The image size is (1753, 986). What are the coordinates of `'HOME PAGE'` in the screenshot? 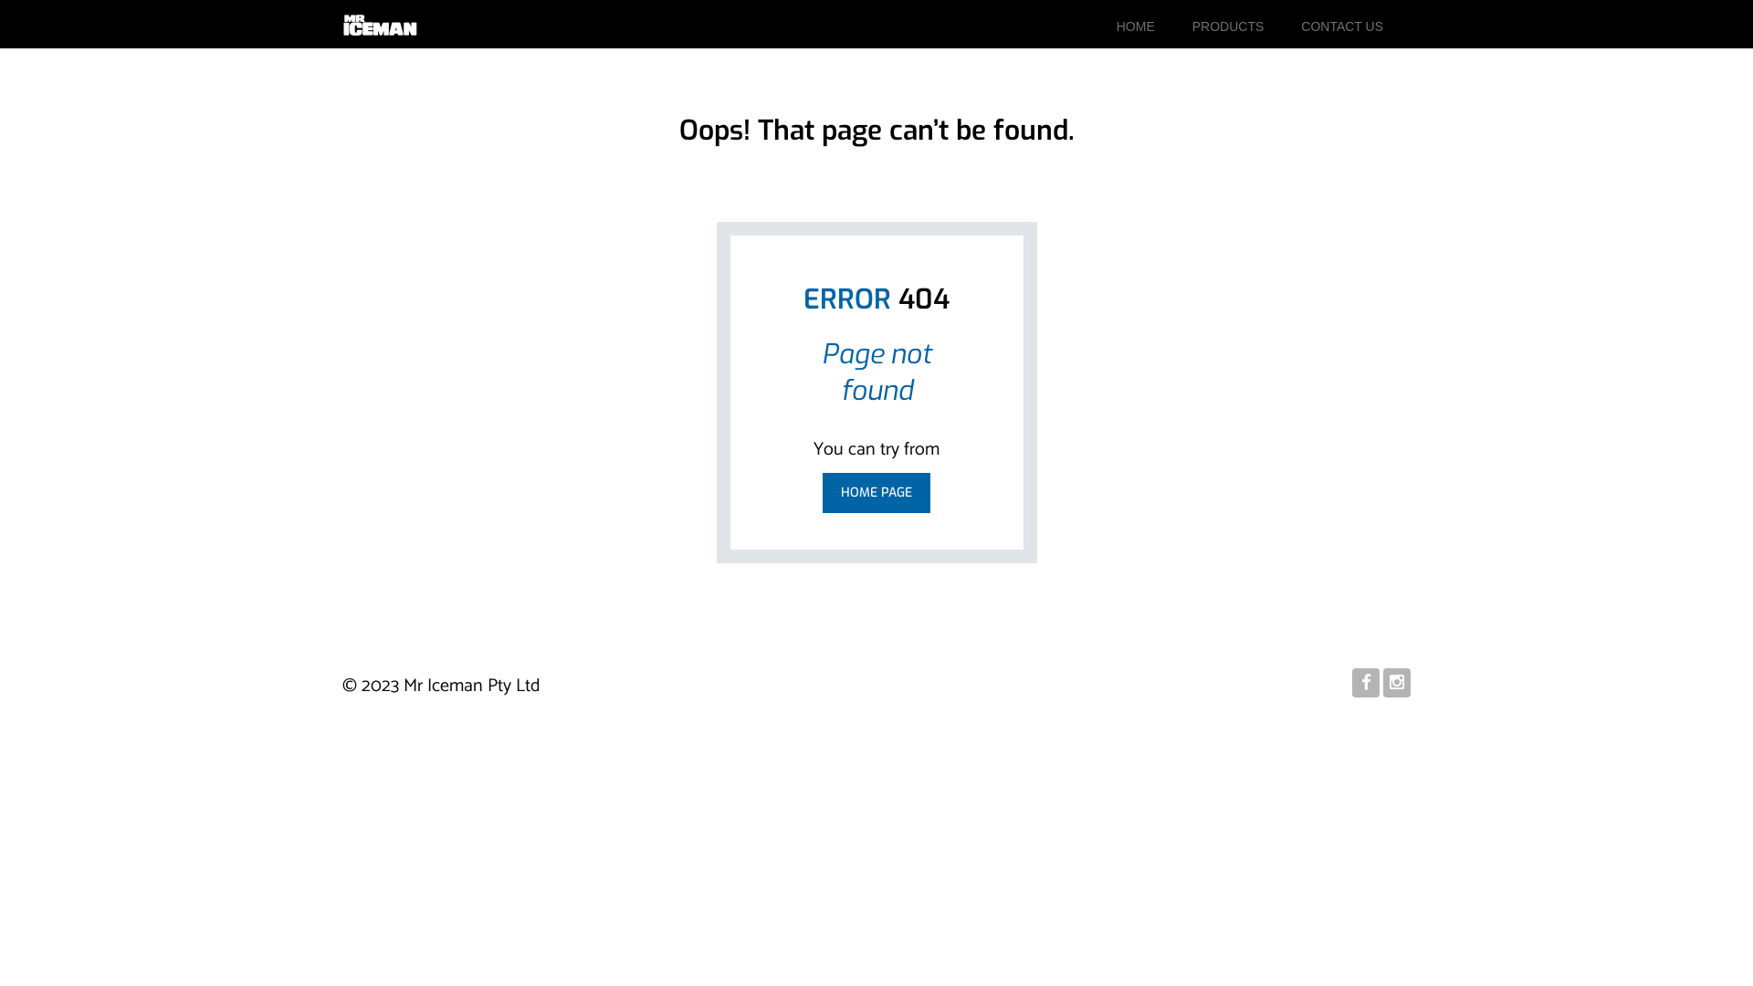 It's located at (822, 493).